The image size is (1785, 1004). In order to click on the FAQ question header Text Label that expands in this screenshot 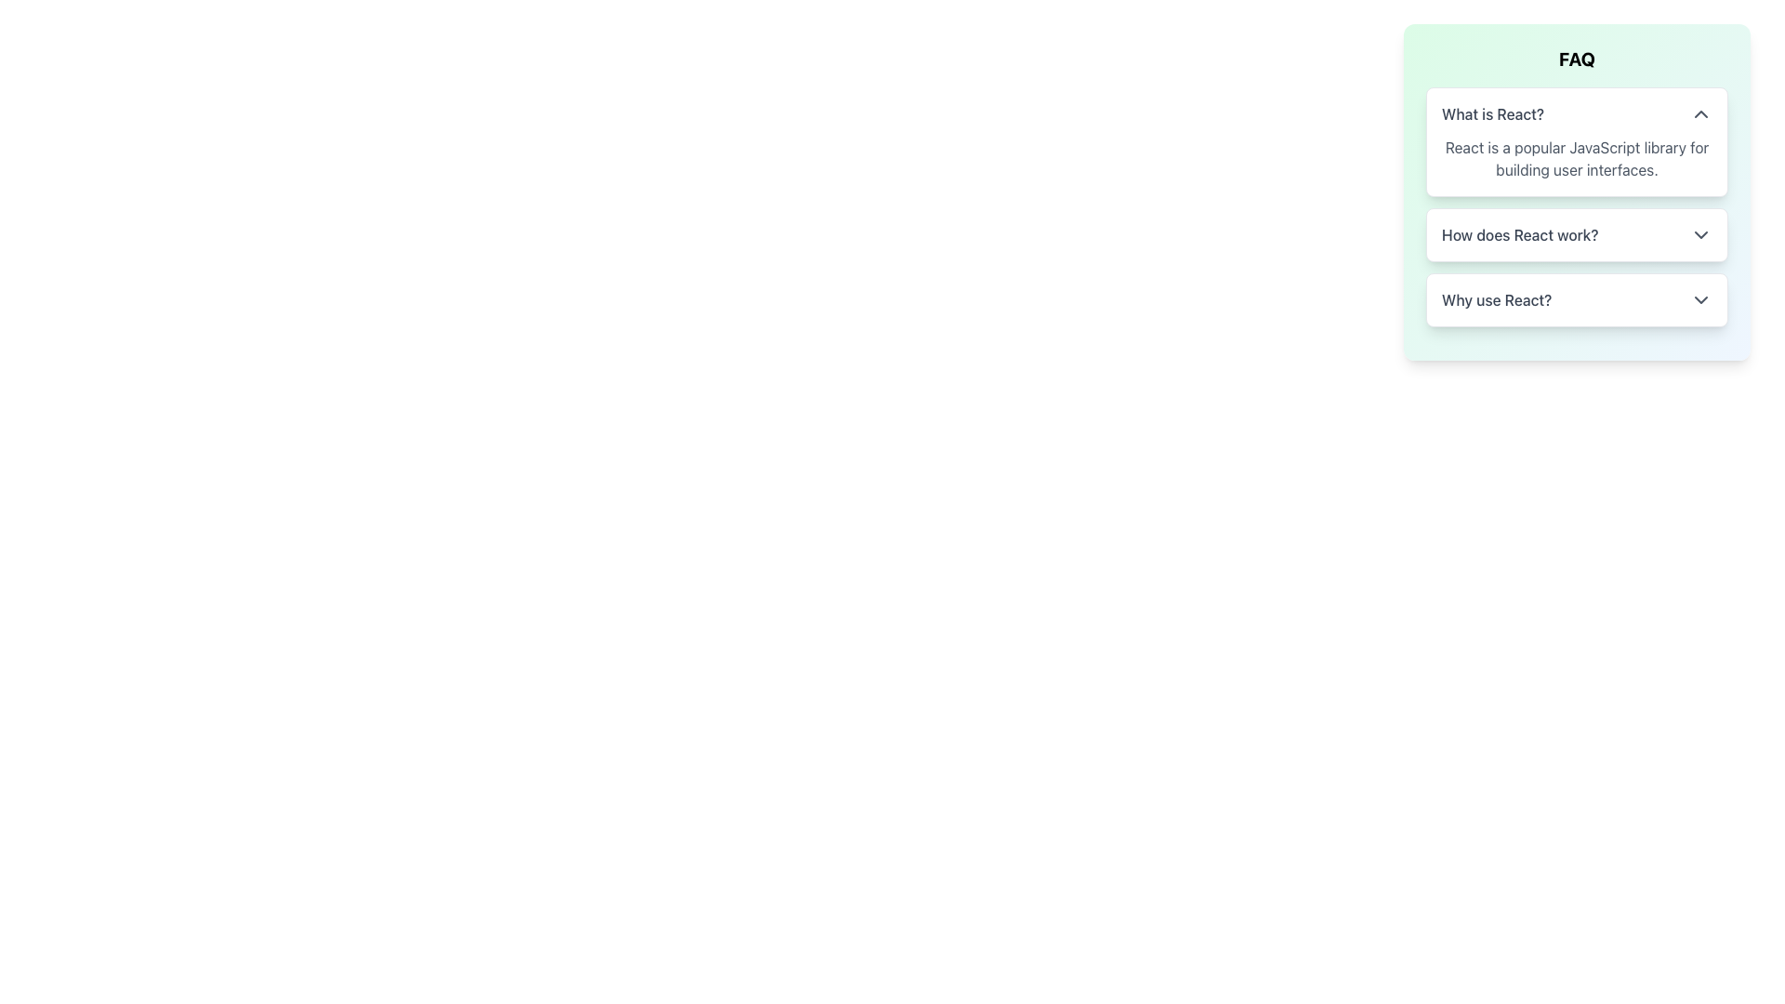, I will do `click(1520, 234)`.